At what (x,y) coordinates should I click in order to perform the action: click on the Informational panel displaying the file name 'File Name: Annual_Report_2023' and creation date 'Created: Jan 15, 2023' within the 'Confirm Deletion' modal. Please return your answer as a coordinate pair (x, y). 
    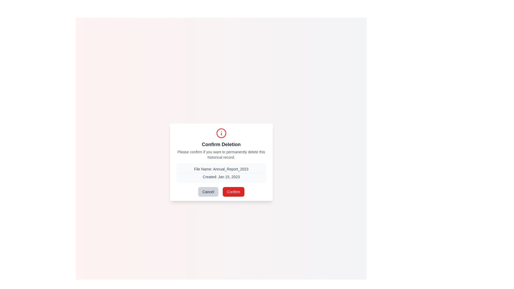
    Looking at the image, I should click on (221, 173).